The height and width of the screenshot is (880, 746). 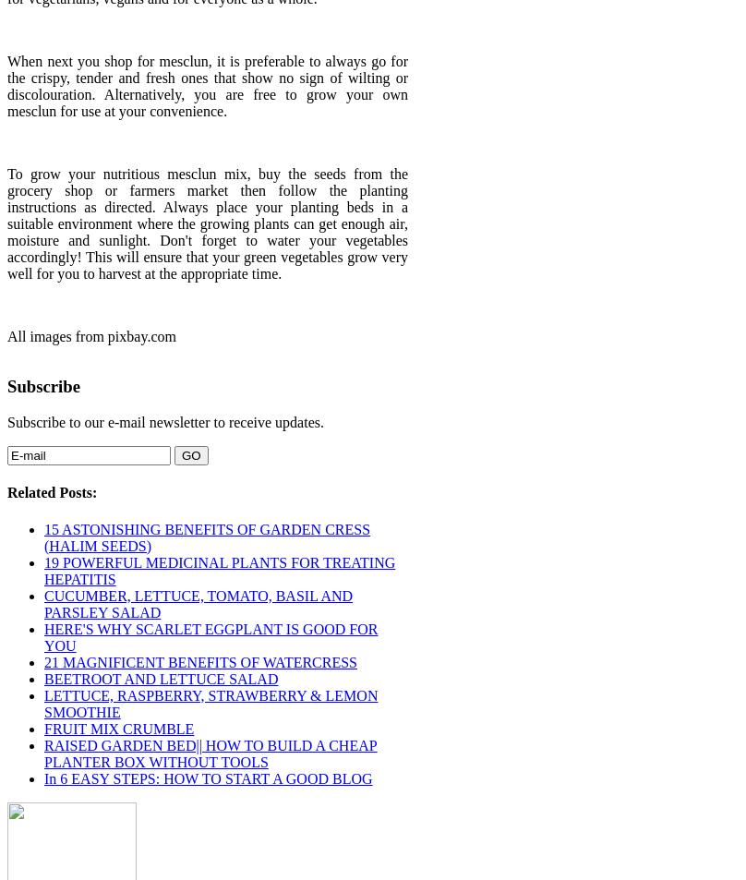 What do you see at coordinates (43, 570) in the screenshot?
I see `'19 POWERFUL MEDICINAL PLANTS FOR TREATING HEPATITIS'` at bounding box center [43, 570].